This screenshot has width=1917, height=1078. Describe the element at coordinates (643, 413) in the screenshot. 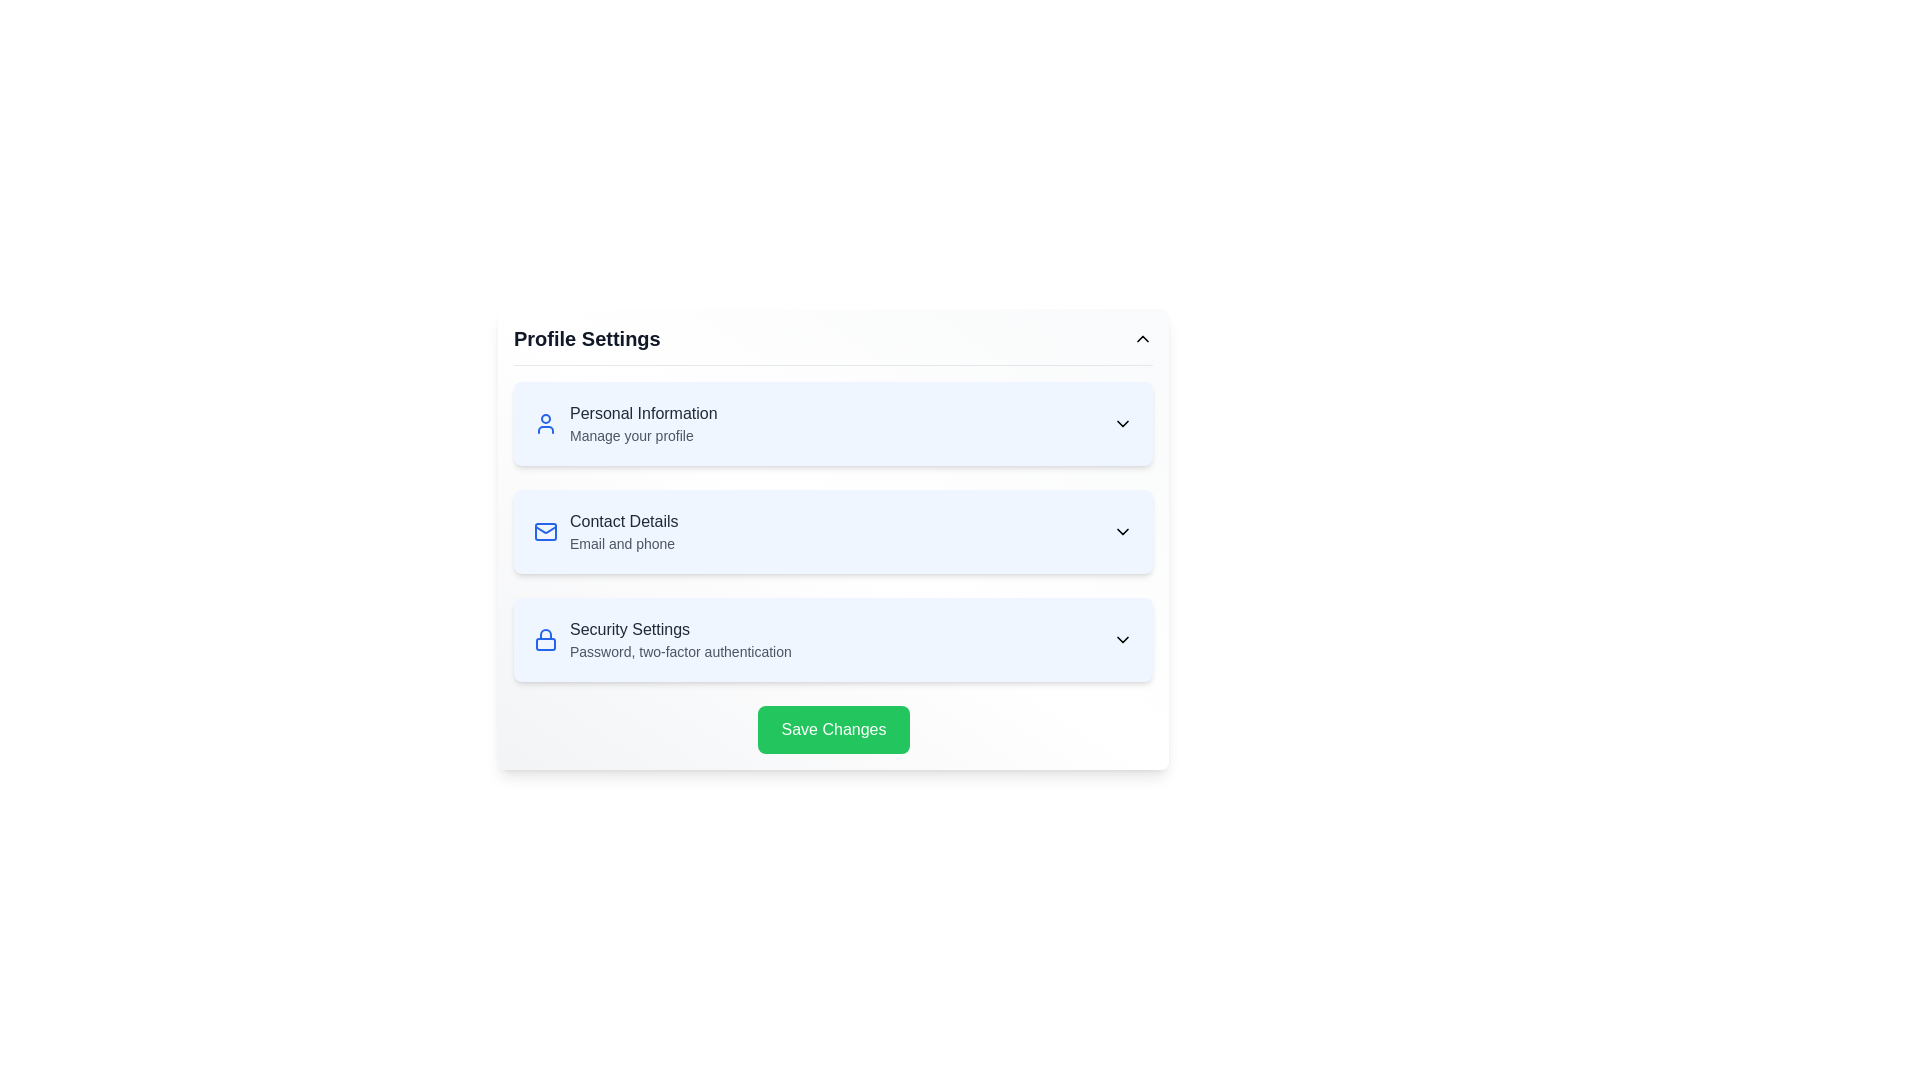

I see `the text header element displaying 'Personal Information' at the top of the profile settings card` at that location.